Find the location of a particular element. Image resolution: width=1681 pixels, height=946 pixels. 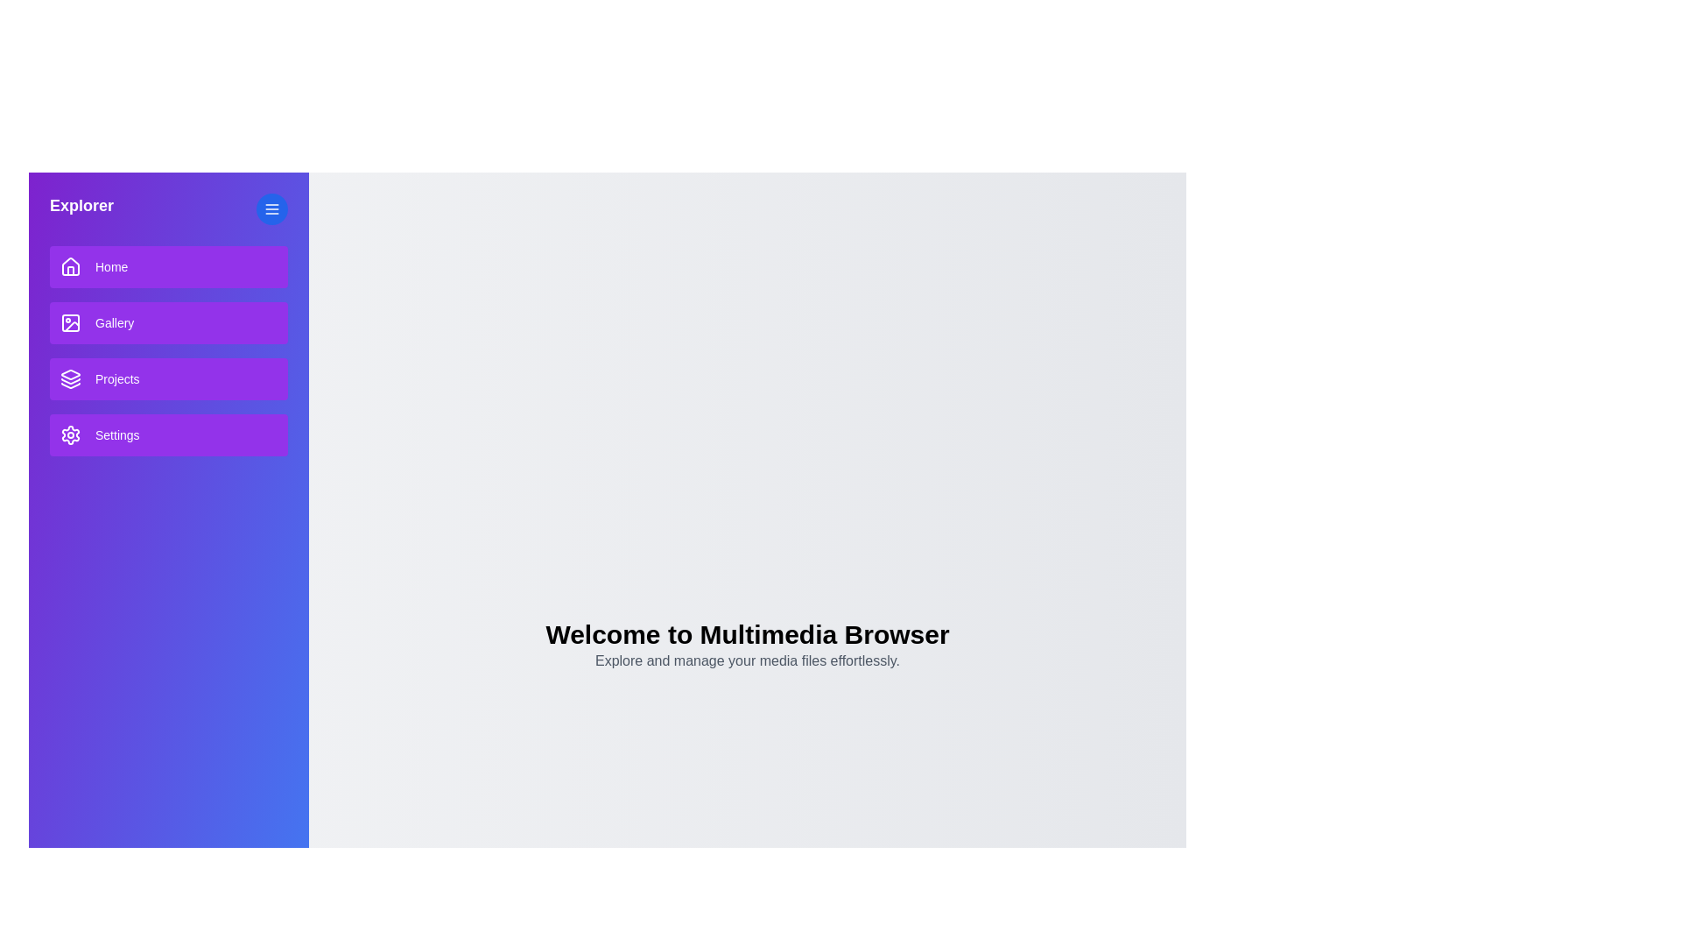

the 'Projects' button to navigate to the 'Projects' section is located at coordinates (168, 378).